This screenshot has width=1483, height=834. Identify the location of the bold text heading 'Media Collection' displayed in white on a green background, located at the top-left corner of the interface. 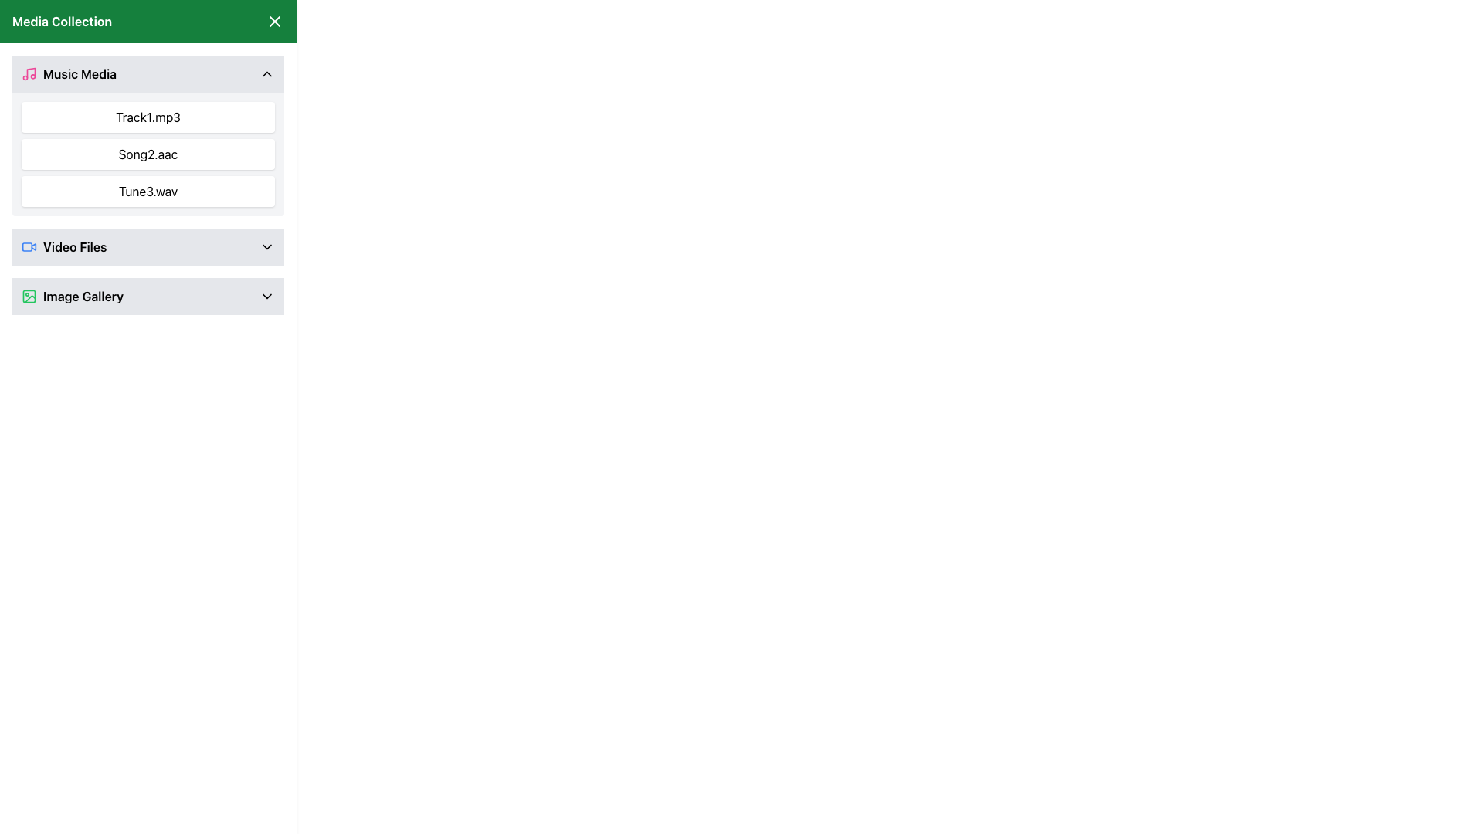
(62, 21).